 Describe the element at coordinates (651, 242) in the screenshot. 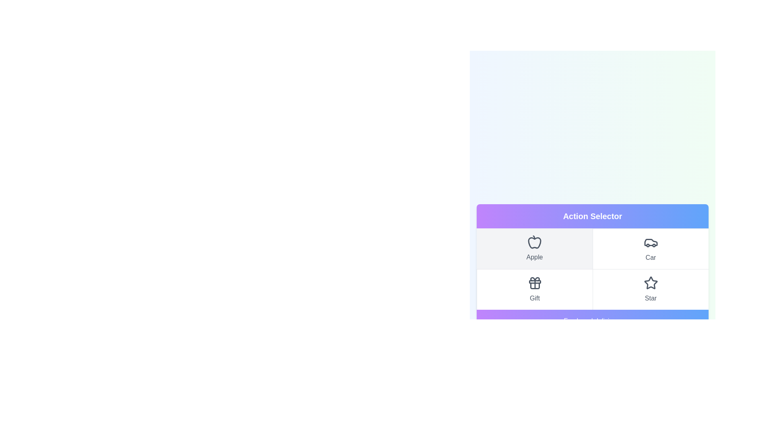

I see `the dashed outline icon representing a vehicle in the top-right cell of the 'Action Selector' grid` at that location.